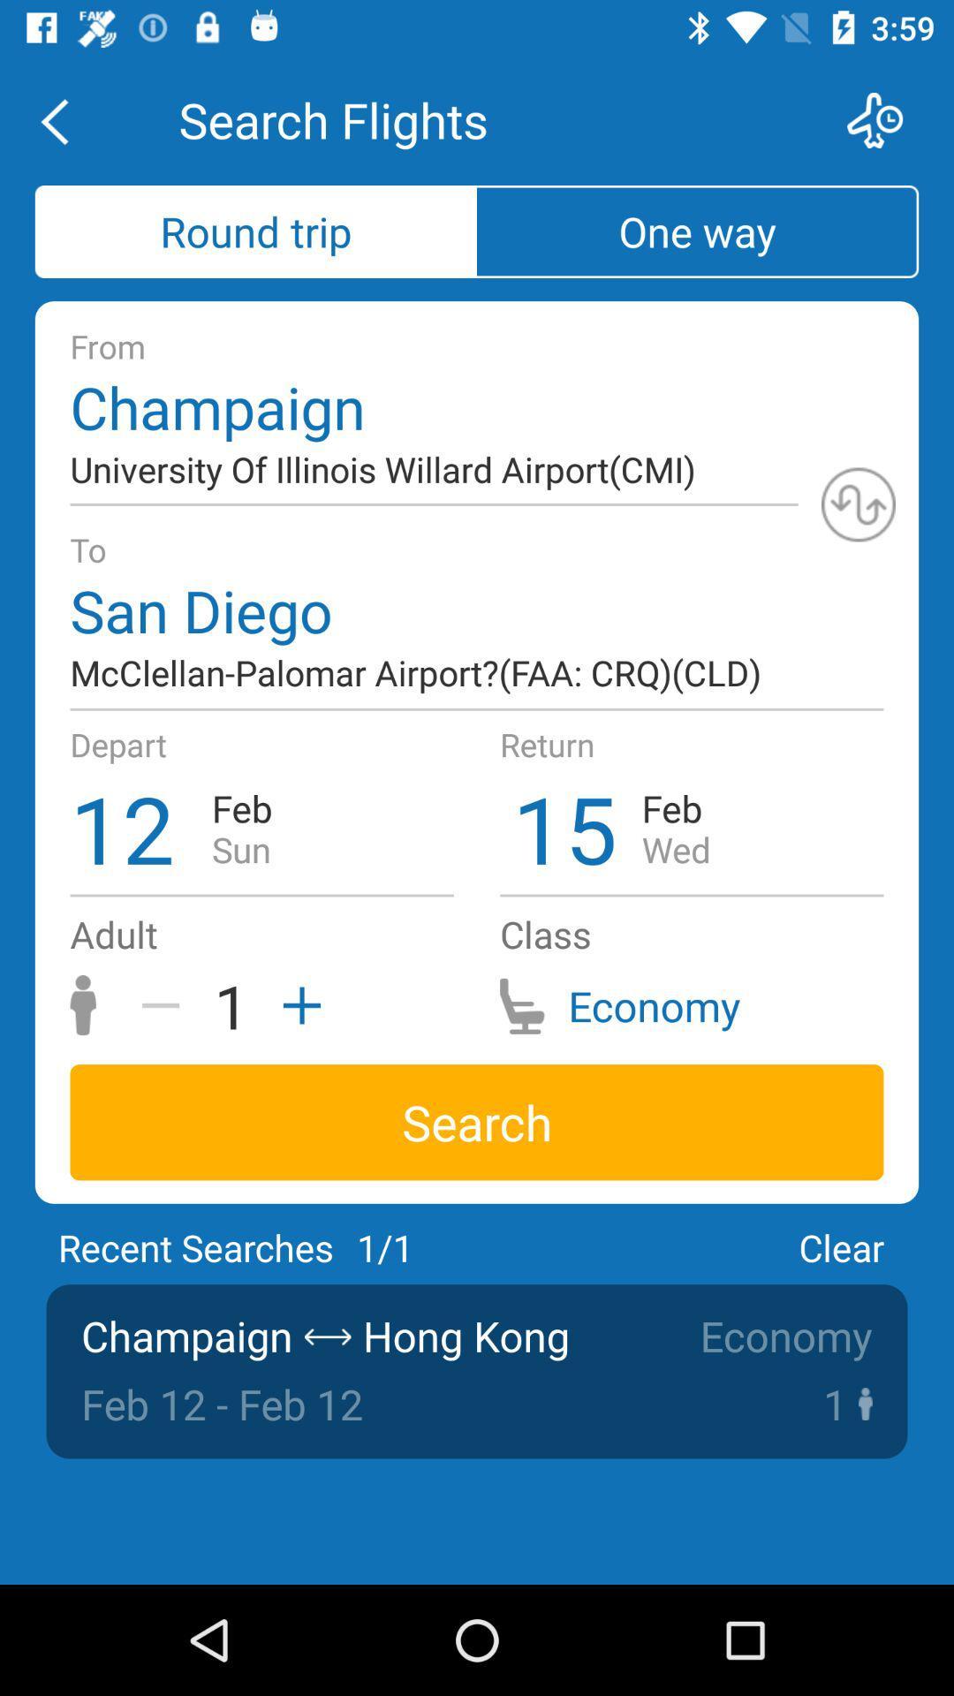 This screenshot has width=954, height=1696. Describe the element at coordinates (840, 1246) in the screenshot. I see `icon above the economy icon` at that location.